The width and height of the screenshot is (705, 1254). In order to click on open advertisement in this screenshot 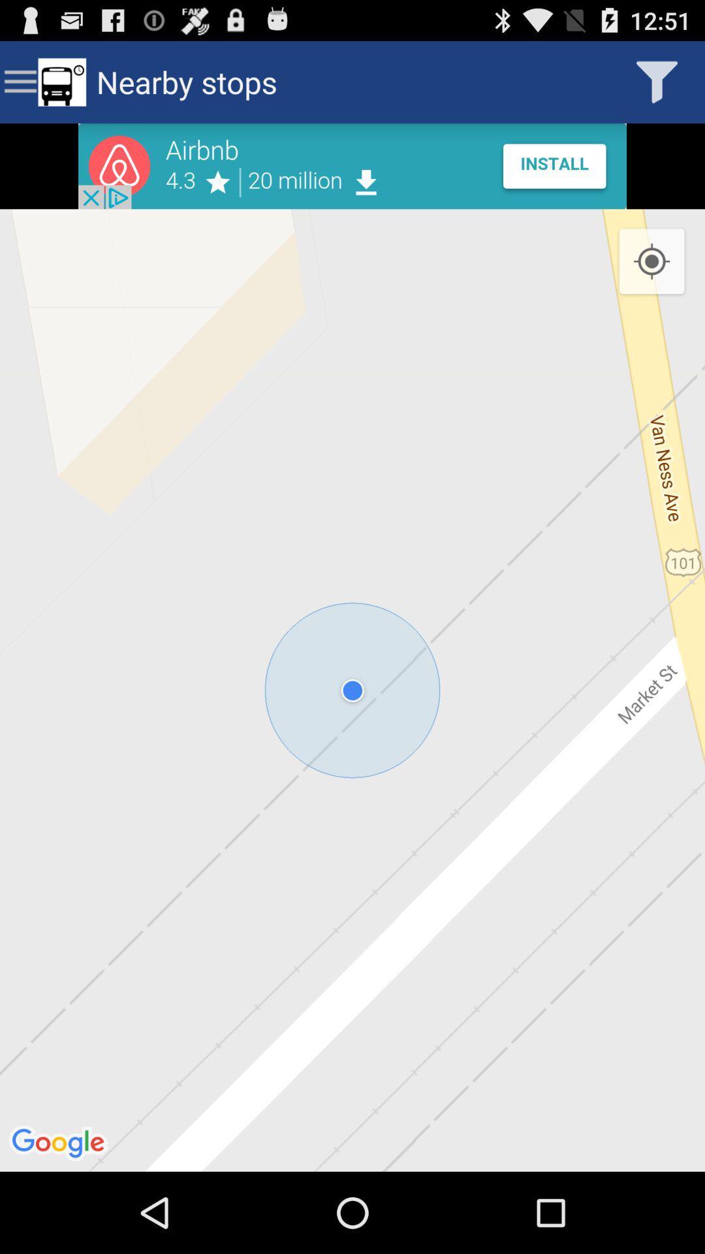, I will do `click(352, 165)`.